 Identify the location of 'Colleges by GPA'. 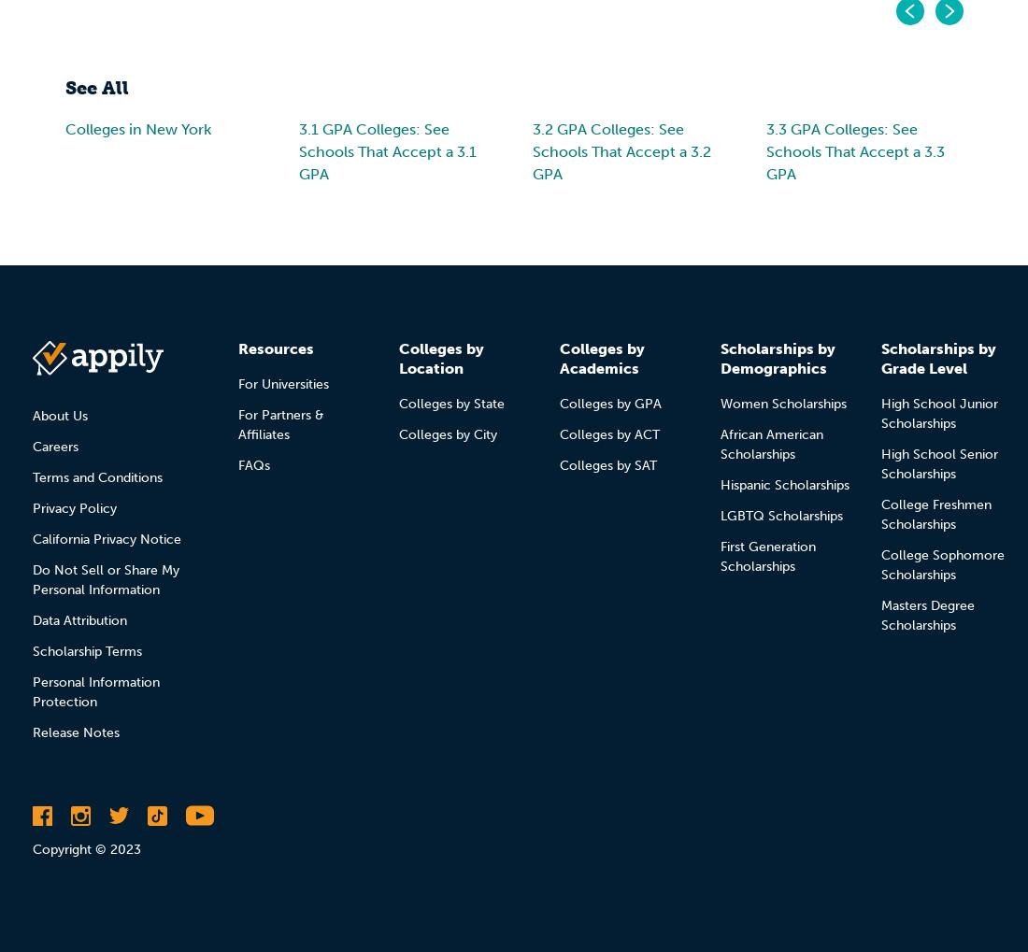
(610, 403).